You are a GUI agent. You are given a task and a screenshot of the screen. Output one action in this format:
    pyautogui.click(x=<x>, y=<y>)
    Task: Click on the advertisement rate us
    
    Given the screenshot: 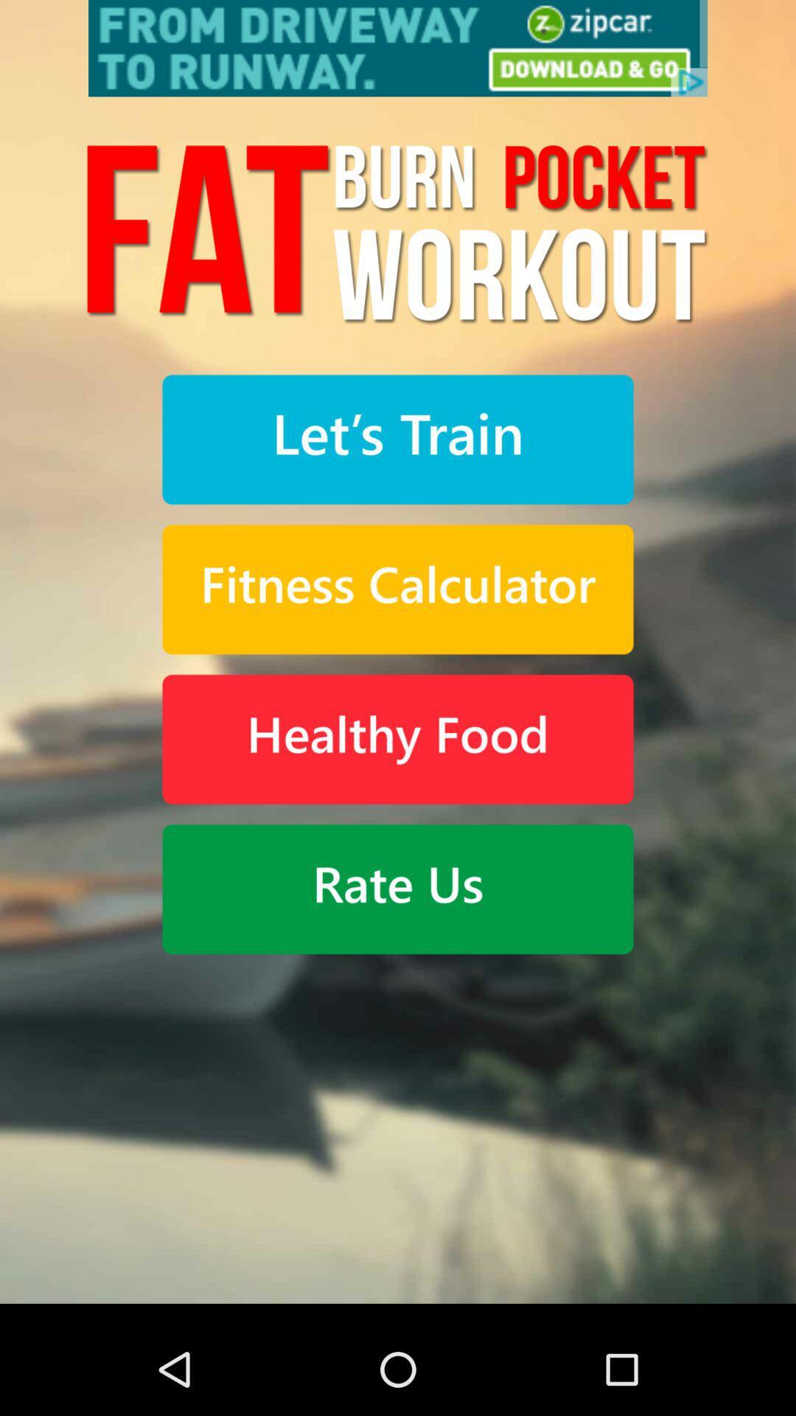 What is the action you would take?
    pyautogui.click(x=398, y=48)
    